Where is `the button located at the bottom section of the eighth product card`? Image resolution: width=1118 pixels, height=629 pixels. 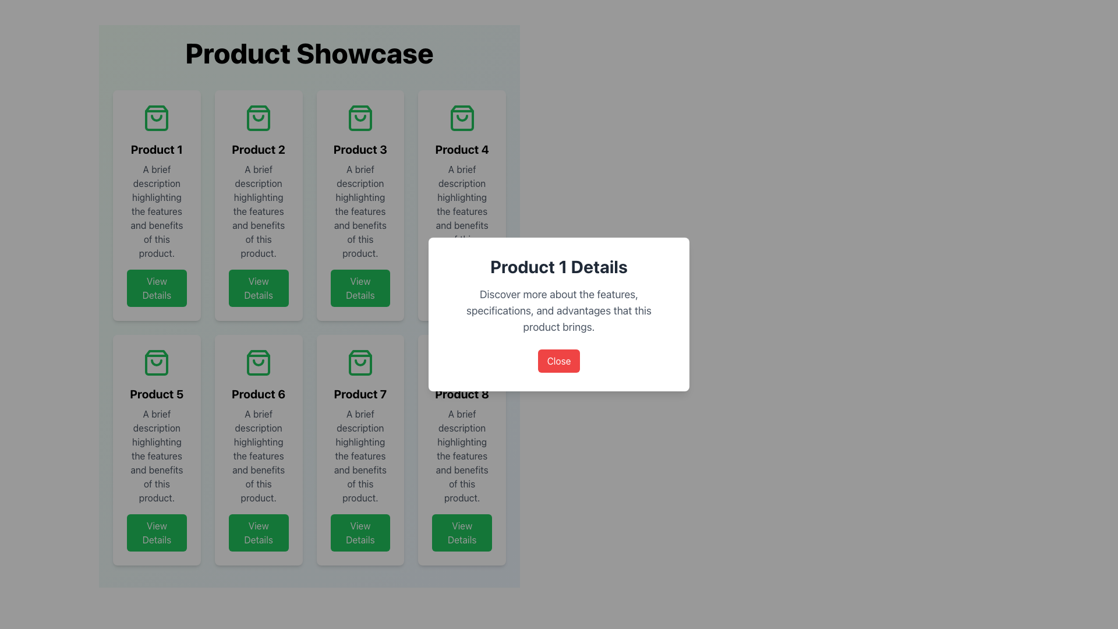 the button located at the bottom section of the eighth product card is located at coordinates (461, 532).